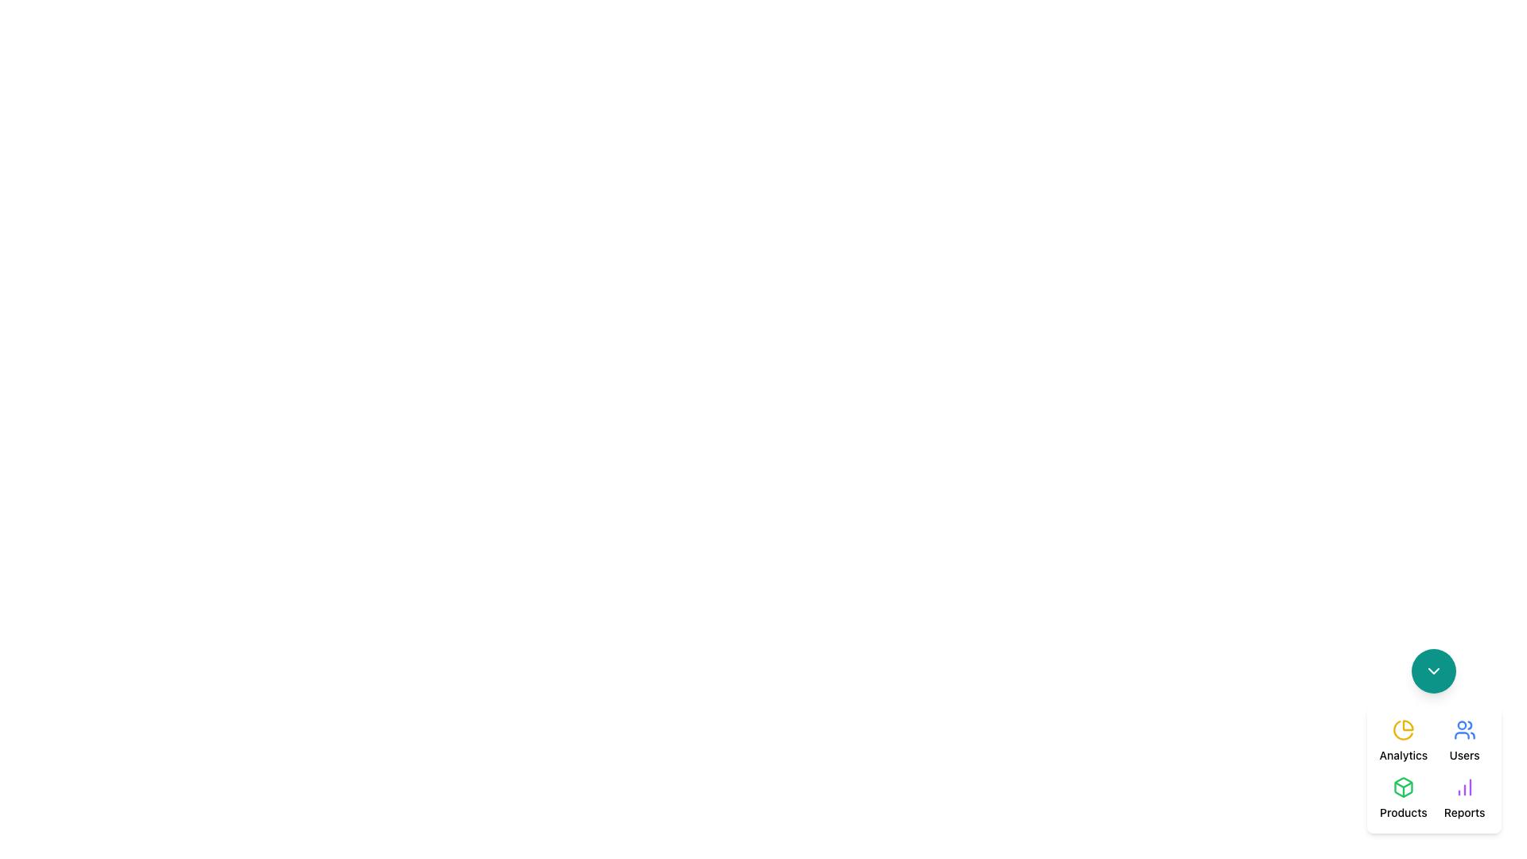  What do you see at coordinates (1463, 798) in the screenshot?
I see `the 'Reports' button with a bar chart icon` at bounding box center [1463, 798].